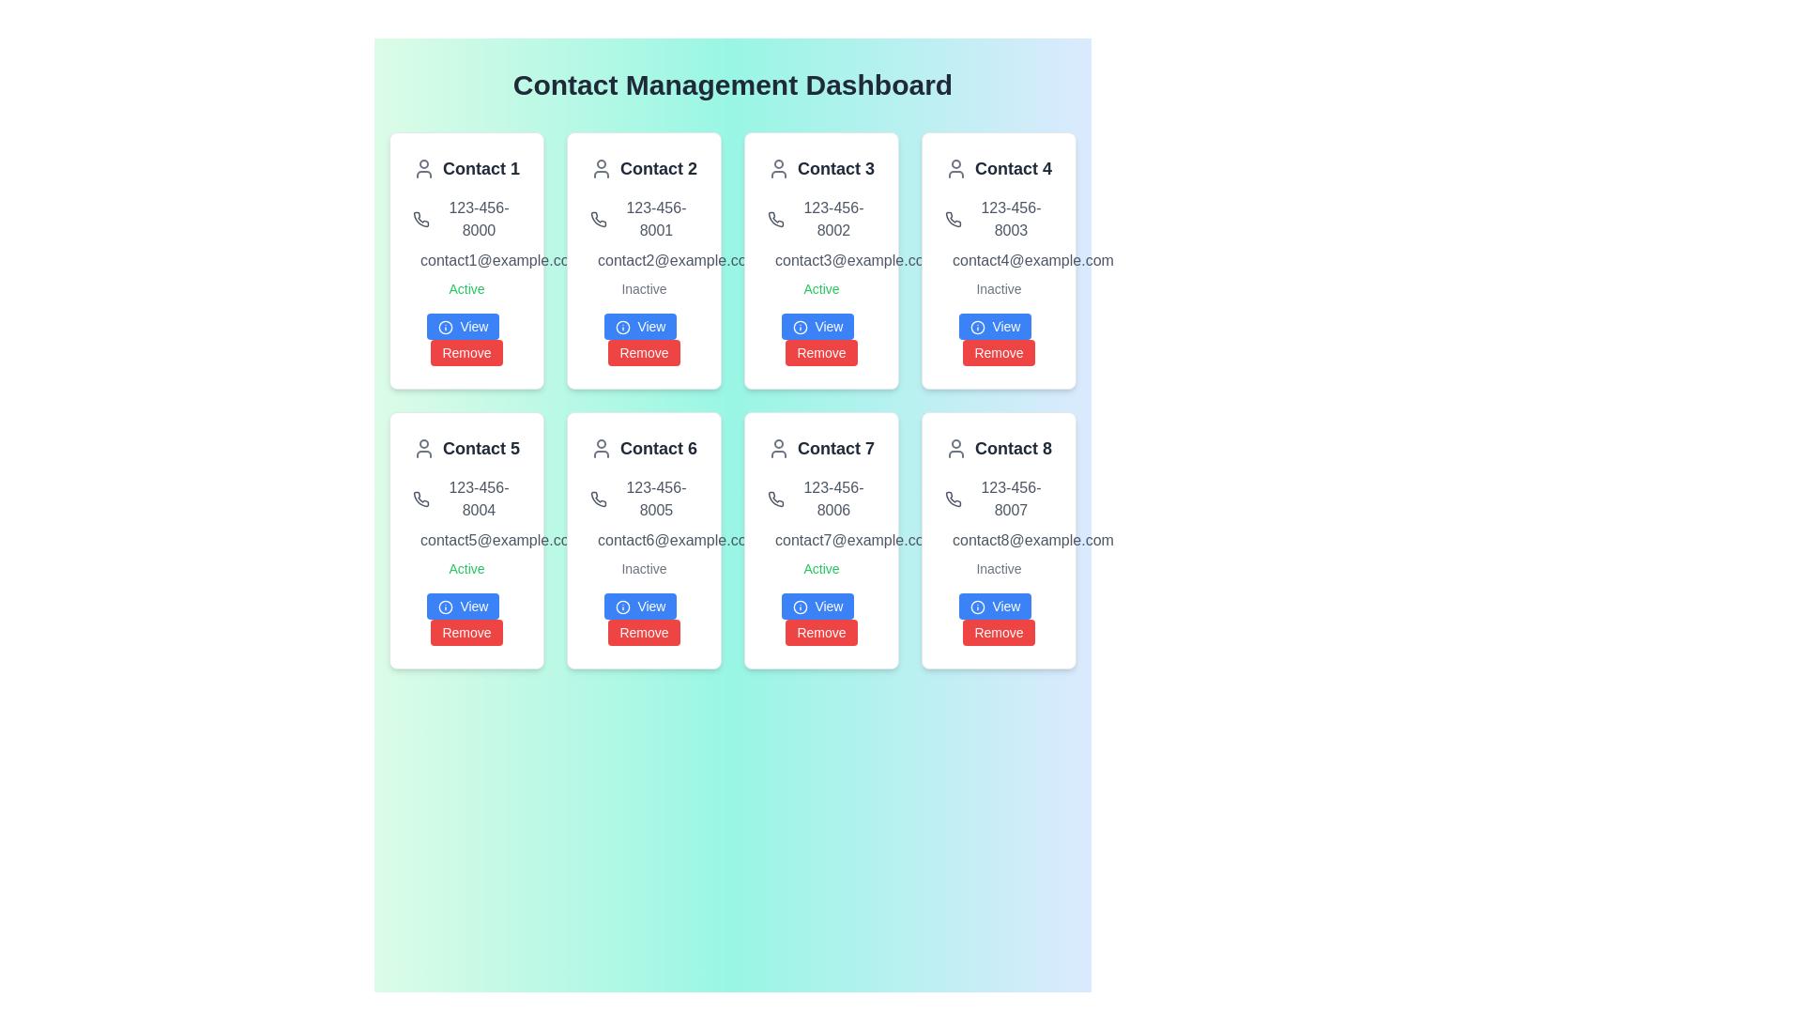  Describe the element at coordinates (998, 260) in the screenshot. I see `email address displayed in the contact card for 'Contact 4', located below the phone number '123-456-8003' and above the status indicator 'Inactive'` at that location.